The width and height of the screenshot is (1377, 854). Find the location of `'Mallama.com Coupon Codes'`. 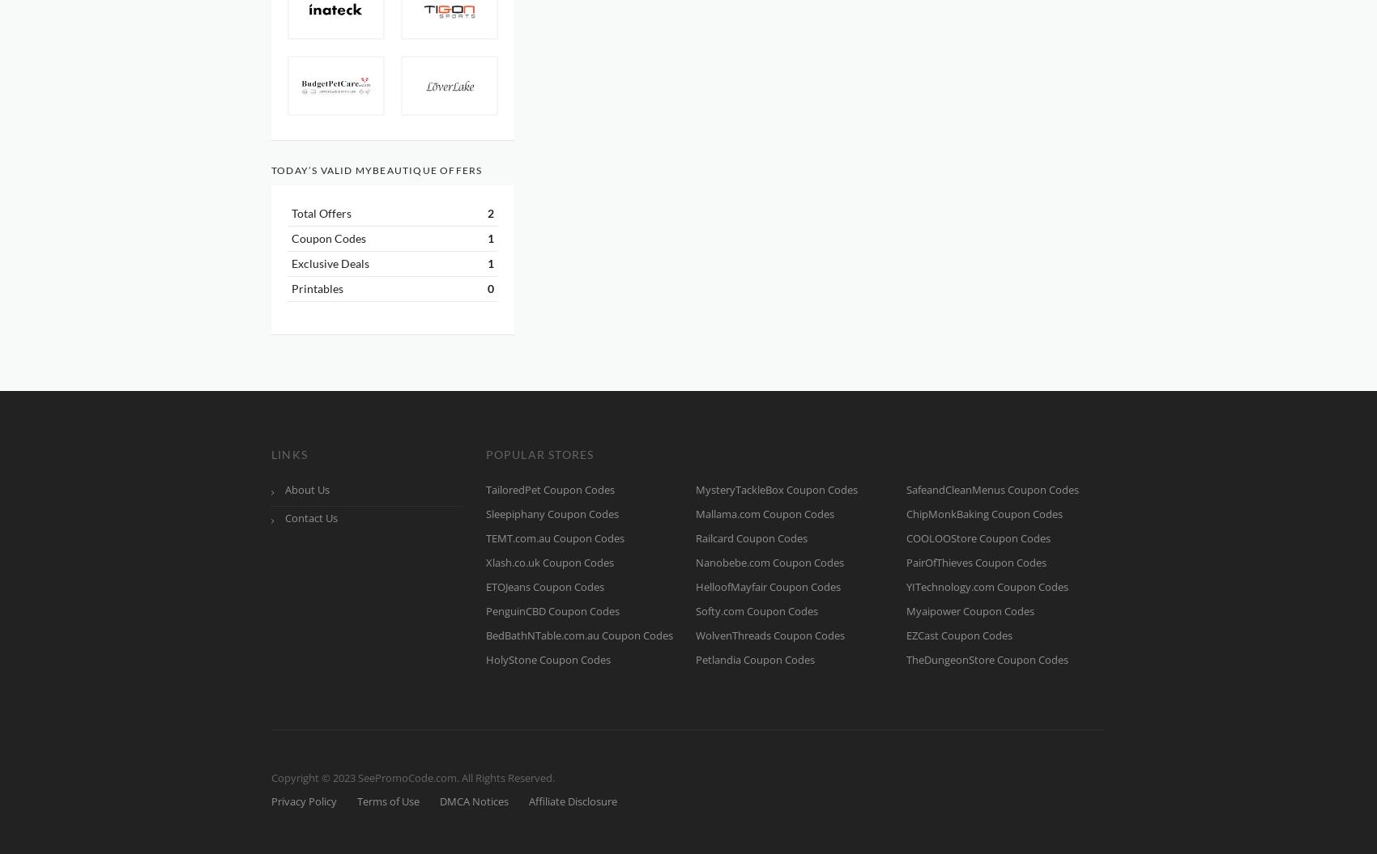

'Mallama.com Coupon Codes' is located at coordinates (765, 513).